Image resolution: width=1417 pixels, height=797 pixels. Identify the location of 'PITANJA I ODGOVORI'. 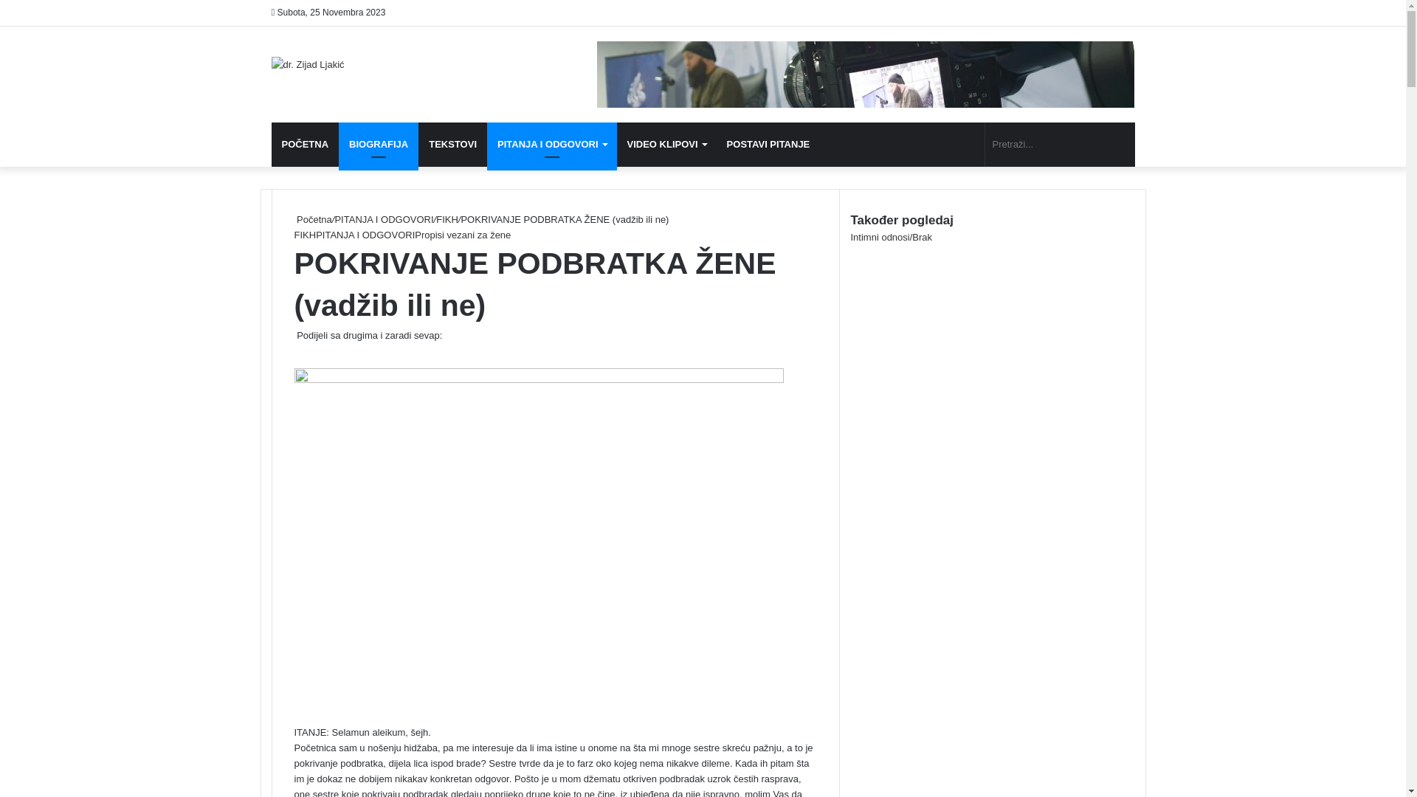
(365, 234).